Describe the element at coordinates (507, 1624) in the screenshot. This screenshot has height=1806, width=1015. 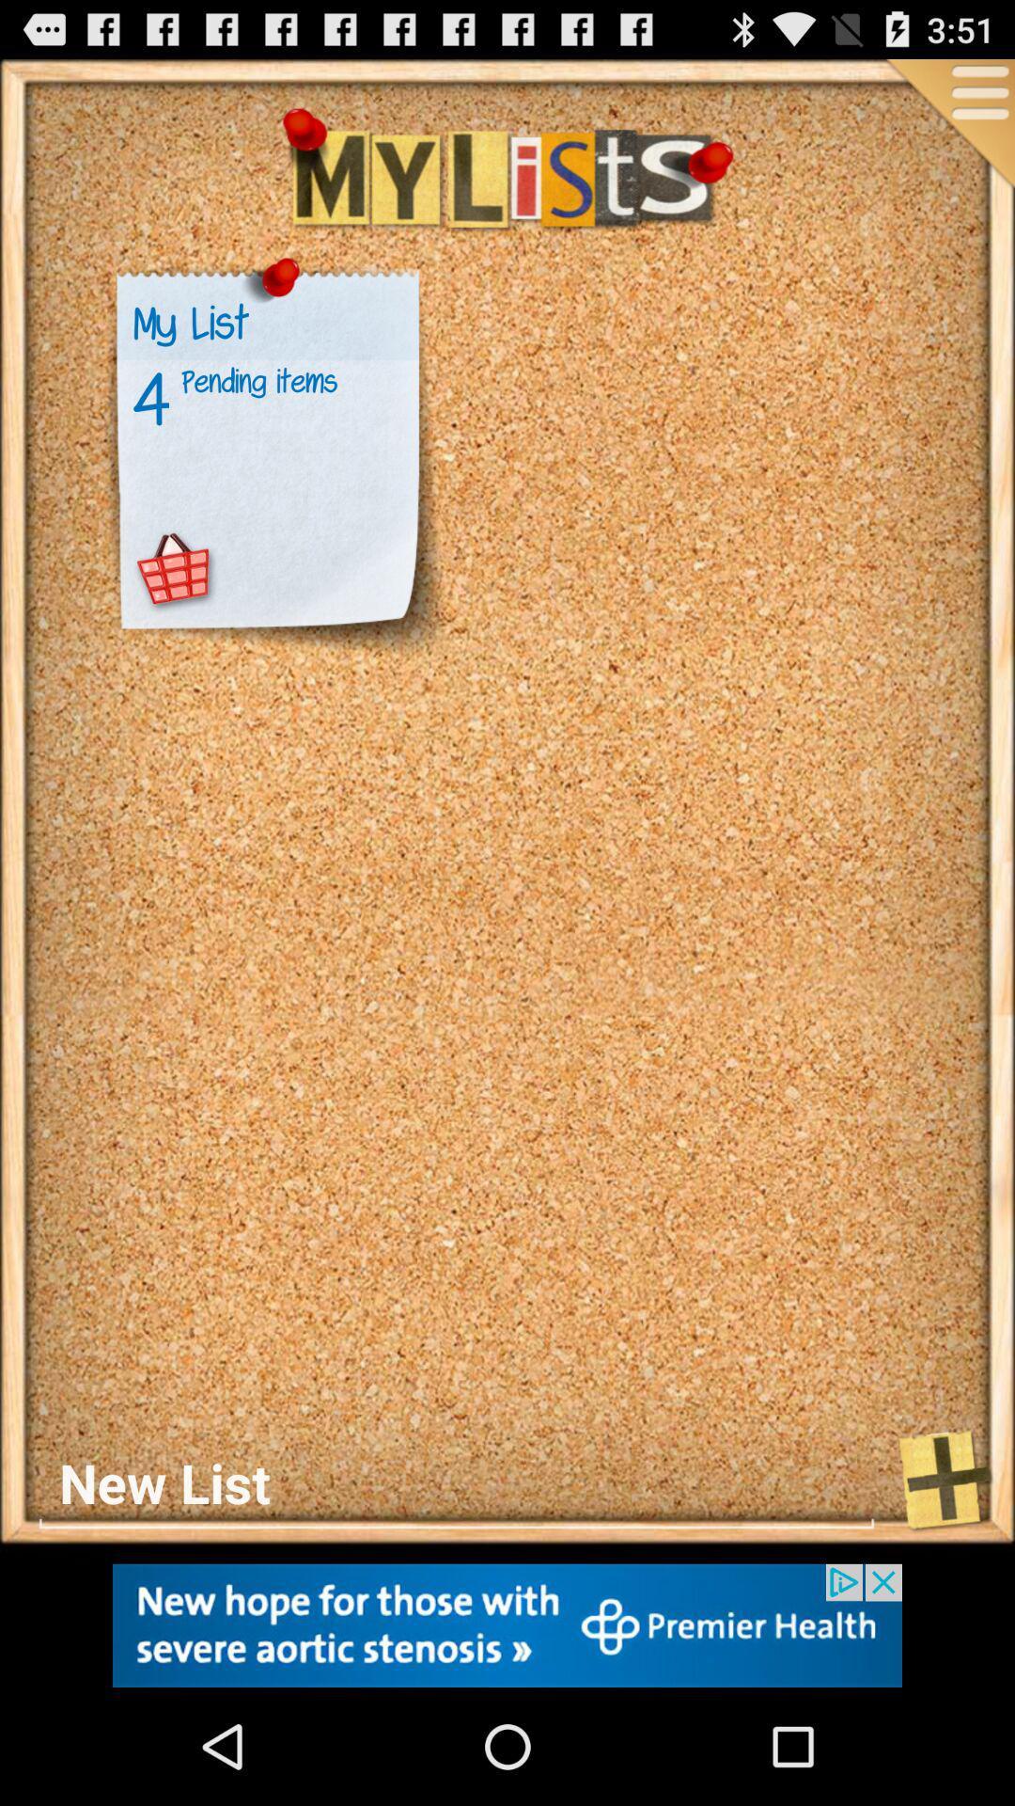
I see `open advertisement` at that location.